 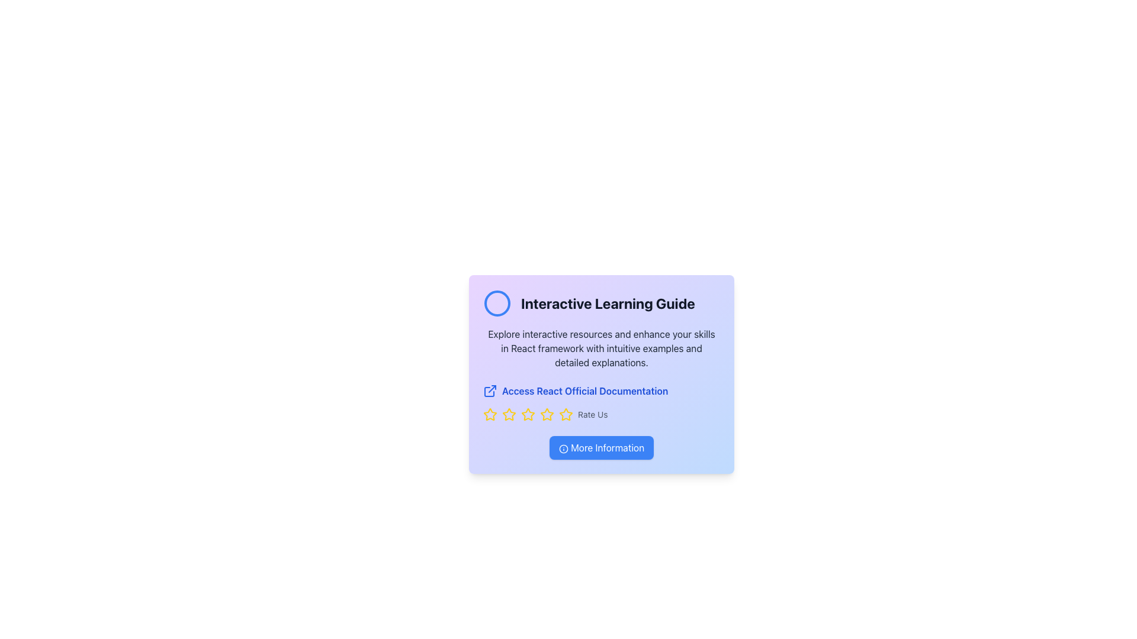 I want to click on the 'More Information' button, which is a rectangular button with rounded corners, vibrant blue background, and white text, located at the bottom of the 'Interactive Learning Guide' card layout, so click(x=602, y=447).